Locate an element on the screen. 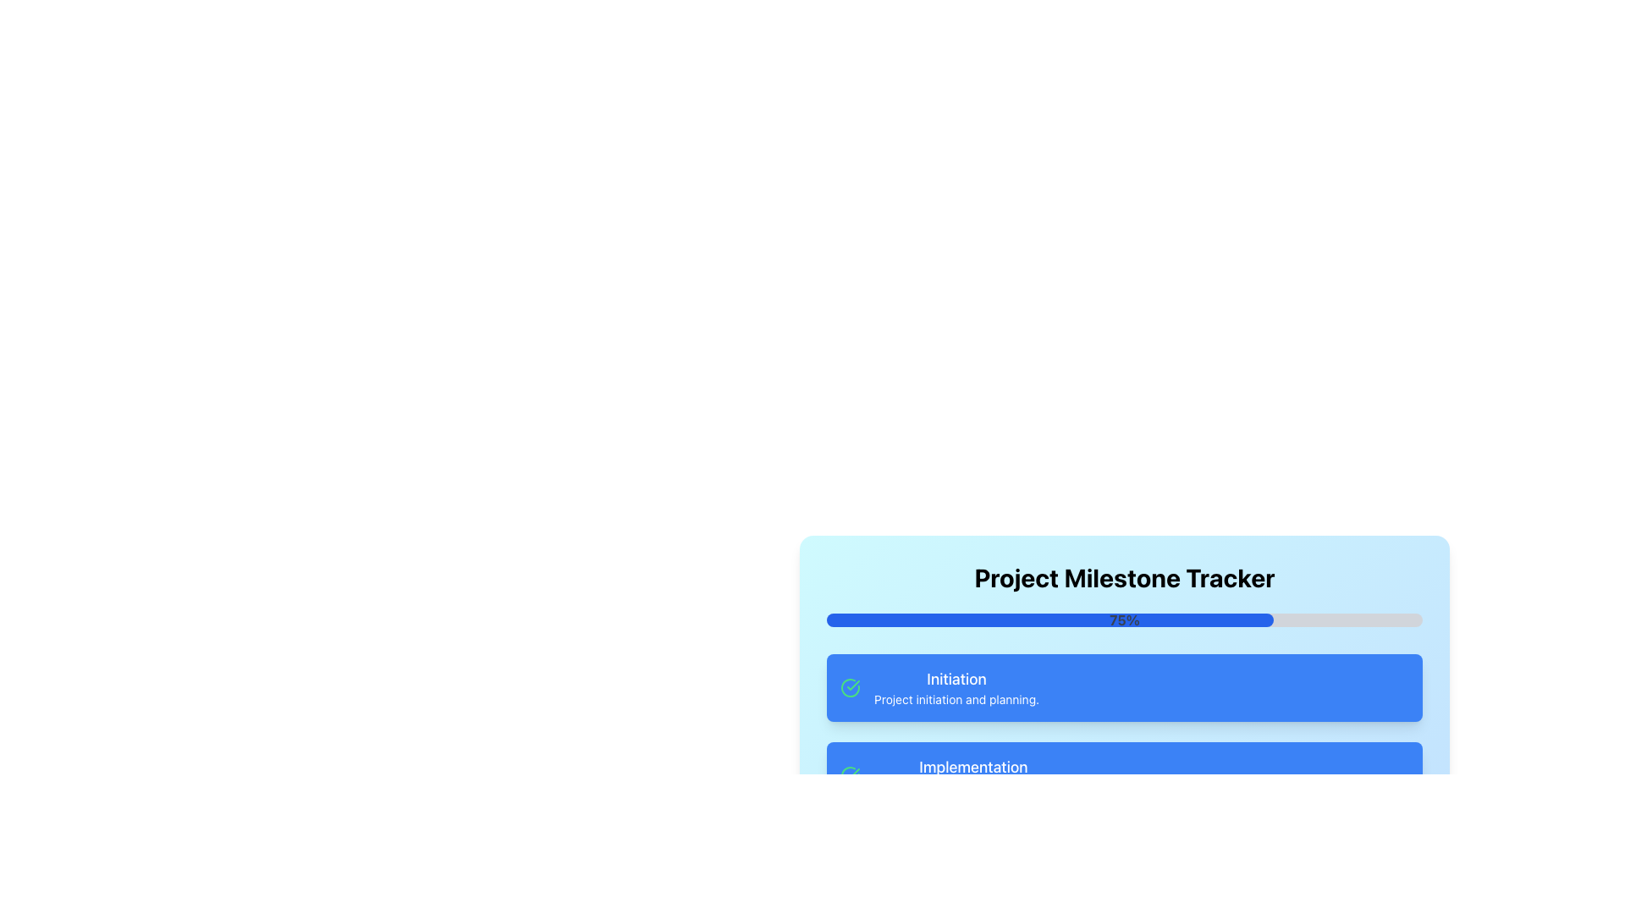  the blue icon indicating the 'Implementation' milestone in the milestone section, located to the left of the 'Implementation' text is located at coordinates (850, 776).